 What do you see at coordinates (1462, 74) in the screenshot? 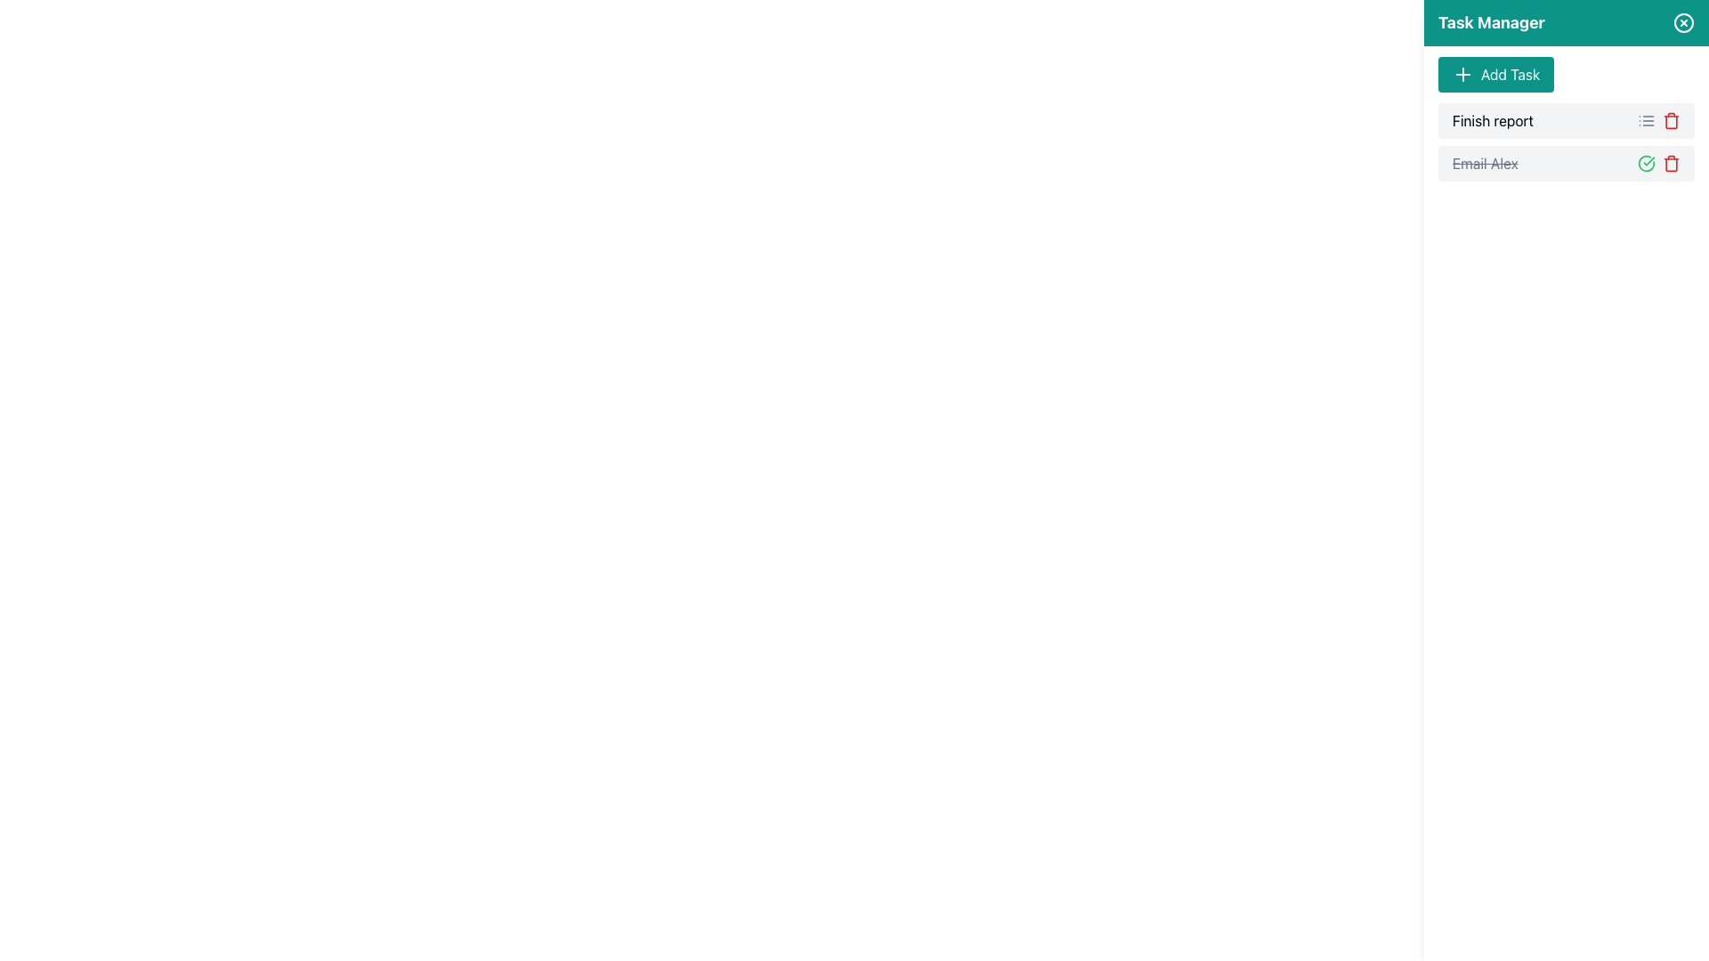
I see `the icon inside the green rectangular button labeled 'Add Task' in the 'Task Manager' section located at the top right corner of the interface` at bounding box center [1462, 74].